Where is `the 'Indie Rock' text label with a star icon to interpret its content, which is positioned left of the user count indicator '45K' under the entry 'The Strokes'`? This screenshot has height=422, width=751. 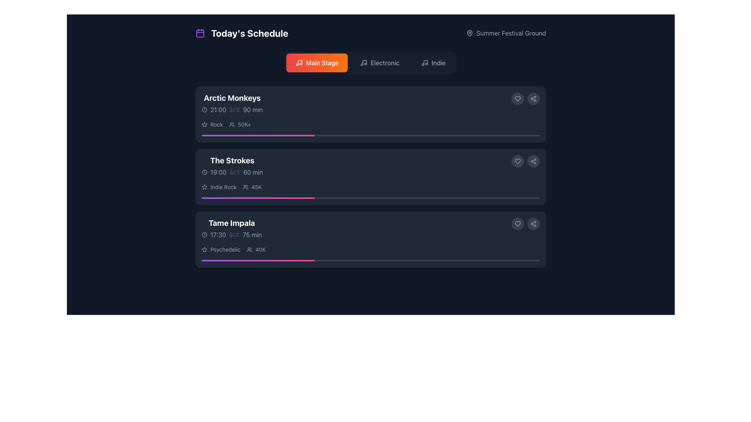
the 'Indie Rock' text label with a star icon to interpret its content, which is positioned left of the user count indicator '45K' under the entry 'The Strokes' is located at coordinates (219, 187).